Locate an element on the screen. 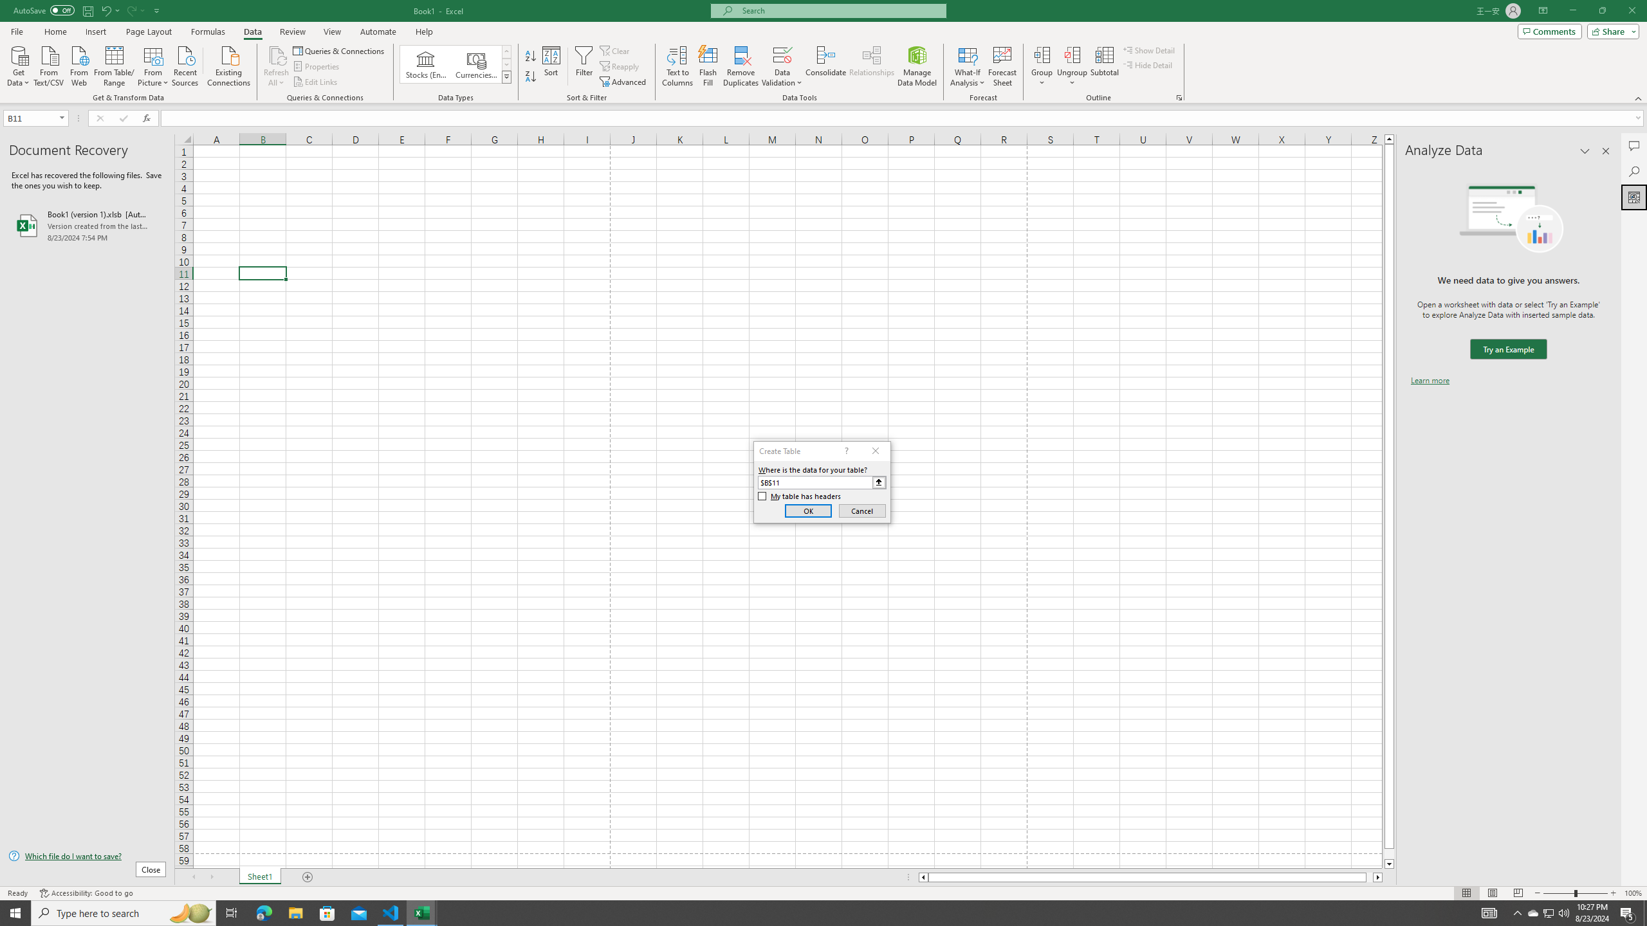 The image size is (1647, 926). 'Learn more' is located at coordinates (1430, 379).